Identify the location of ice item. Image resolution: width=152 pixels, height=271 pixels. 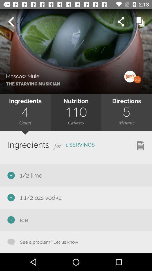
(23, 219).